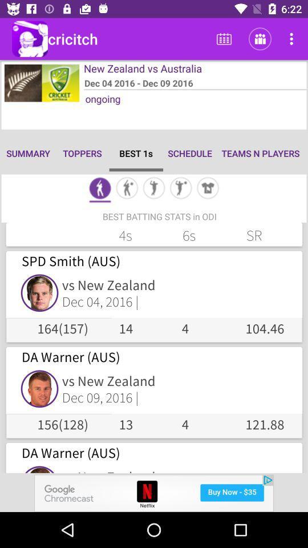 The width and height of the screenshot is (308, 548). I want to click on the avatar icon, so click(154, 189).